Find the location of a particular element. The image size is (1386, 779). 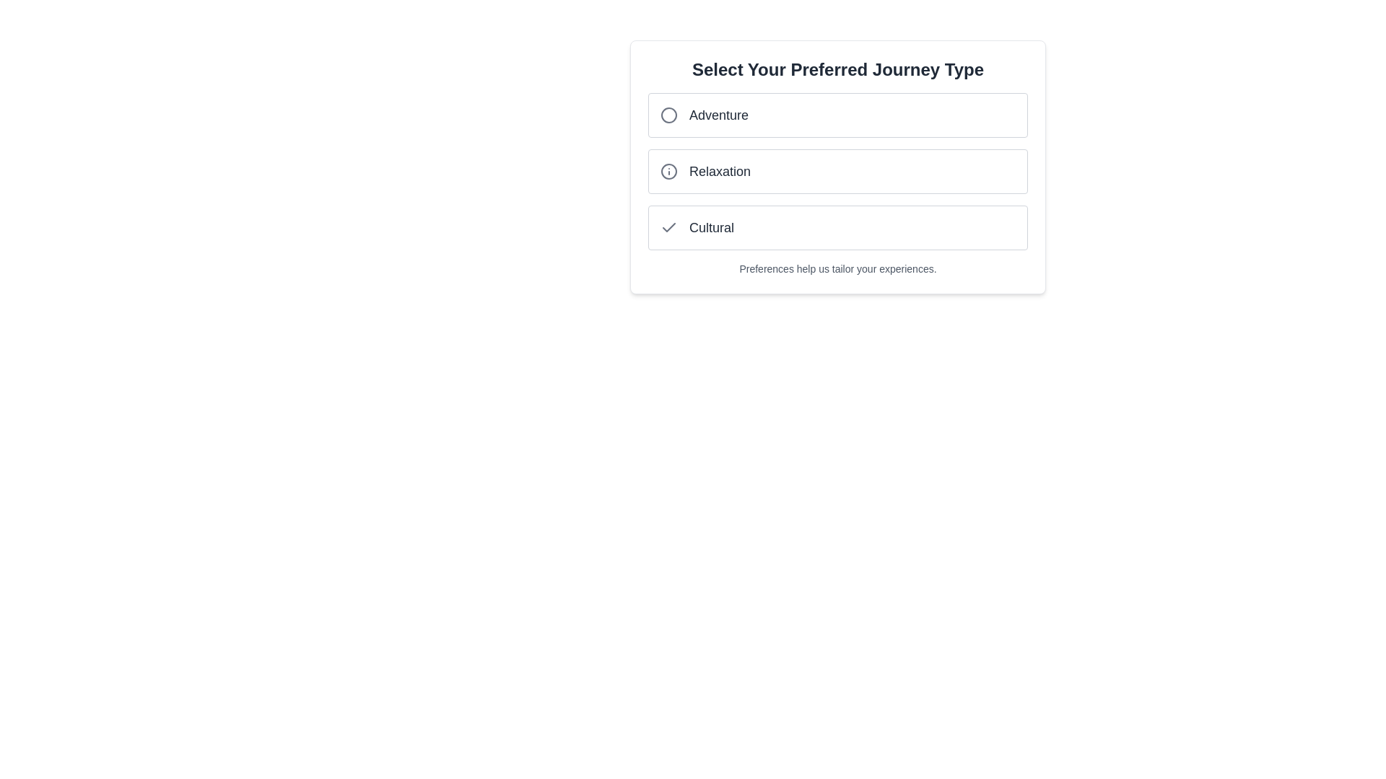

the checkmark icon styled with a thin stroke and rounded cap and join, located in the selection box for 'Cultural' is located at coordinates (668, 227).